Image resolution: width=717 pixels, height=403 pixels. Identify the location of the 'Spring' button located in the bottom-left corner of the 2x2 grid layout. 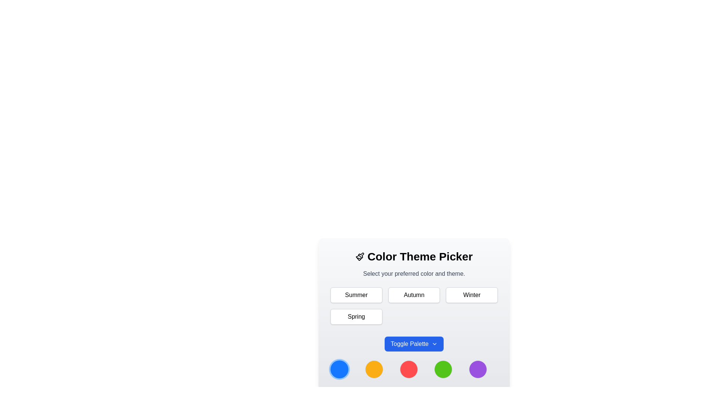
(356, 316).